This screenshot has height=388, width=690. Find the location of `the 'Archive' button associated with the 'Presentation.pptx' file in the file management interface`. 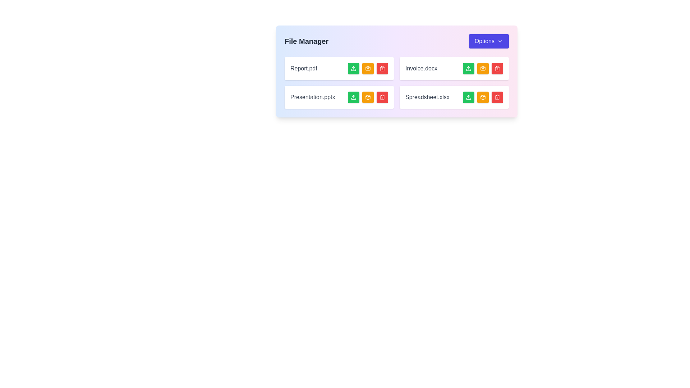

the 'Archive' button associated with the 'Presentation.pptx' file in the file management interface is located at coordinates (368, 97).